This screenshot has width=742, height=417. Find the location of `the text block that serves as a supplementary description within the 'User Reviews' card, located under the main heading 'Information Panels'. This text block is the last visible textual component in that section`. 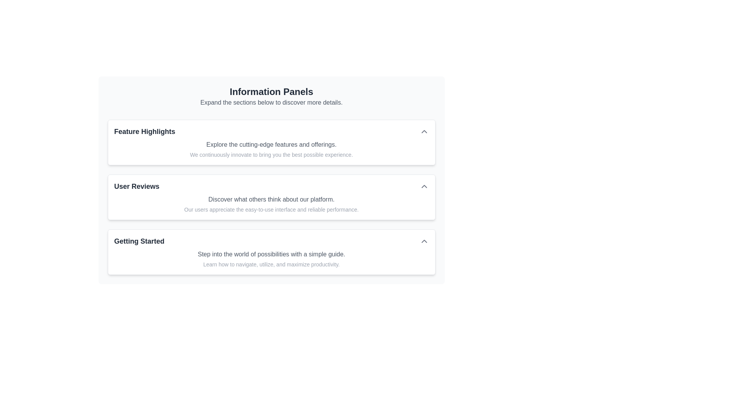

the text block that serves as a supplementary description within the 'User Reviews' card, located under the main heading 'Information Panels'. This text block is the last visible textual component in that section is located at coordinates (271, 210).